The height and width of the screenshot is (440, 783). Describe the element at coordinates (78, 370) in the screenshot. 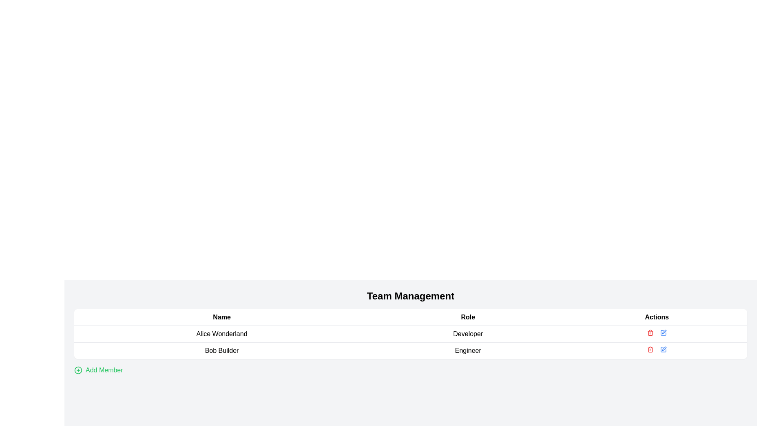

I see `the circular icon with a green outline and a plus sign, located to the left of the 'Add Member' button` at that location.